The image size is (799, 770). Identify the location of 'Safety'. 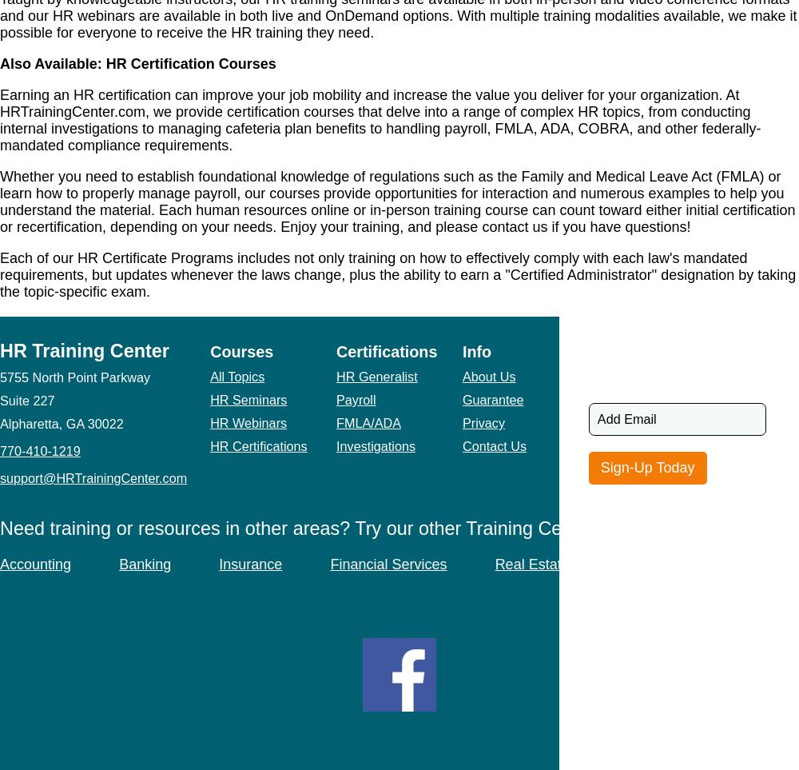
(745, 563).